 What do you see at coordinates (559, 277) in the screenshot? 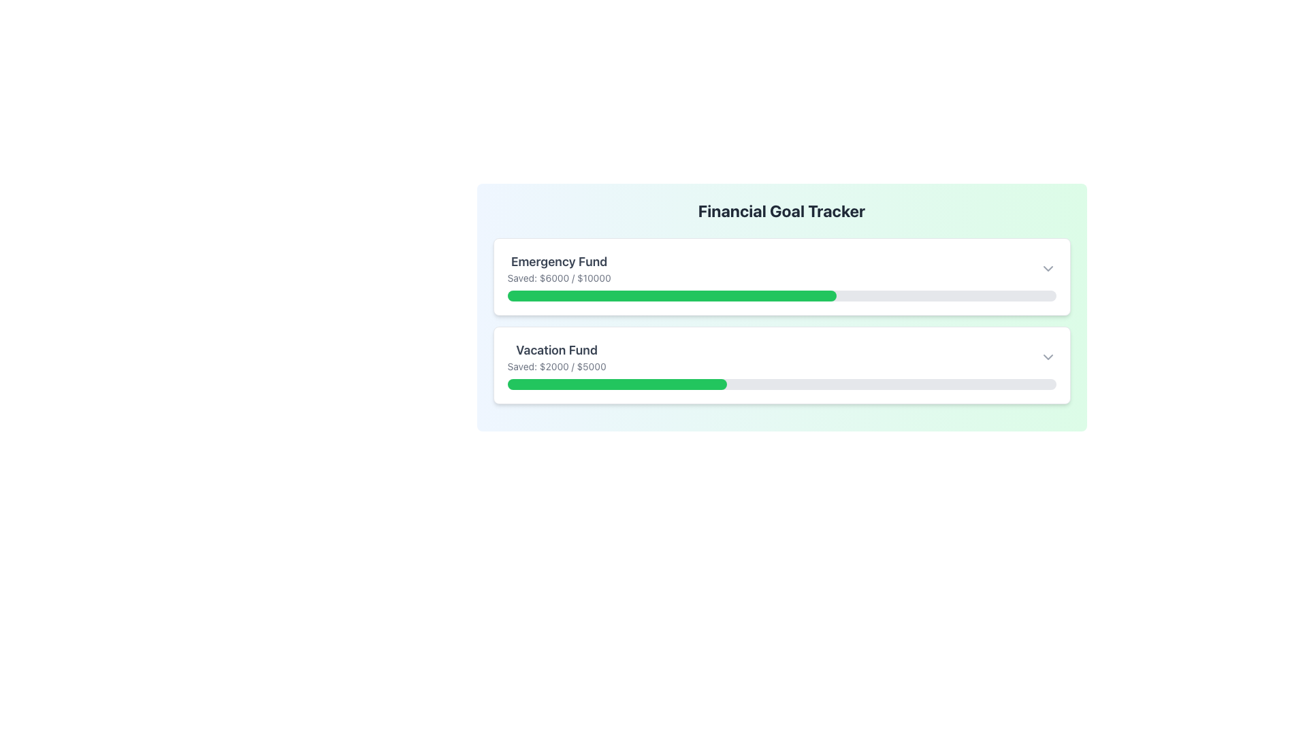
I see `text label displaying the current amount saved against the total savings goal, located directly below the 'Emergency Fund' header in the first card of the financial goal trackers` at bounding box center [559, 277].